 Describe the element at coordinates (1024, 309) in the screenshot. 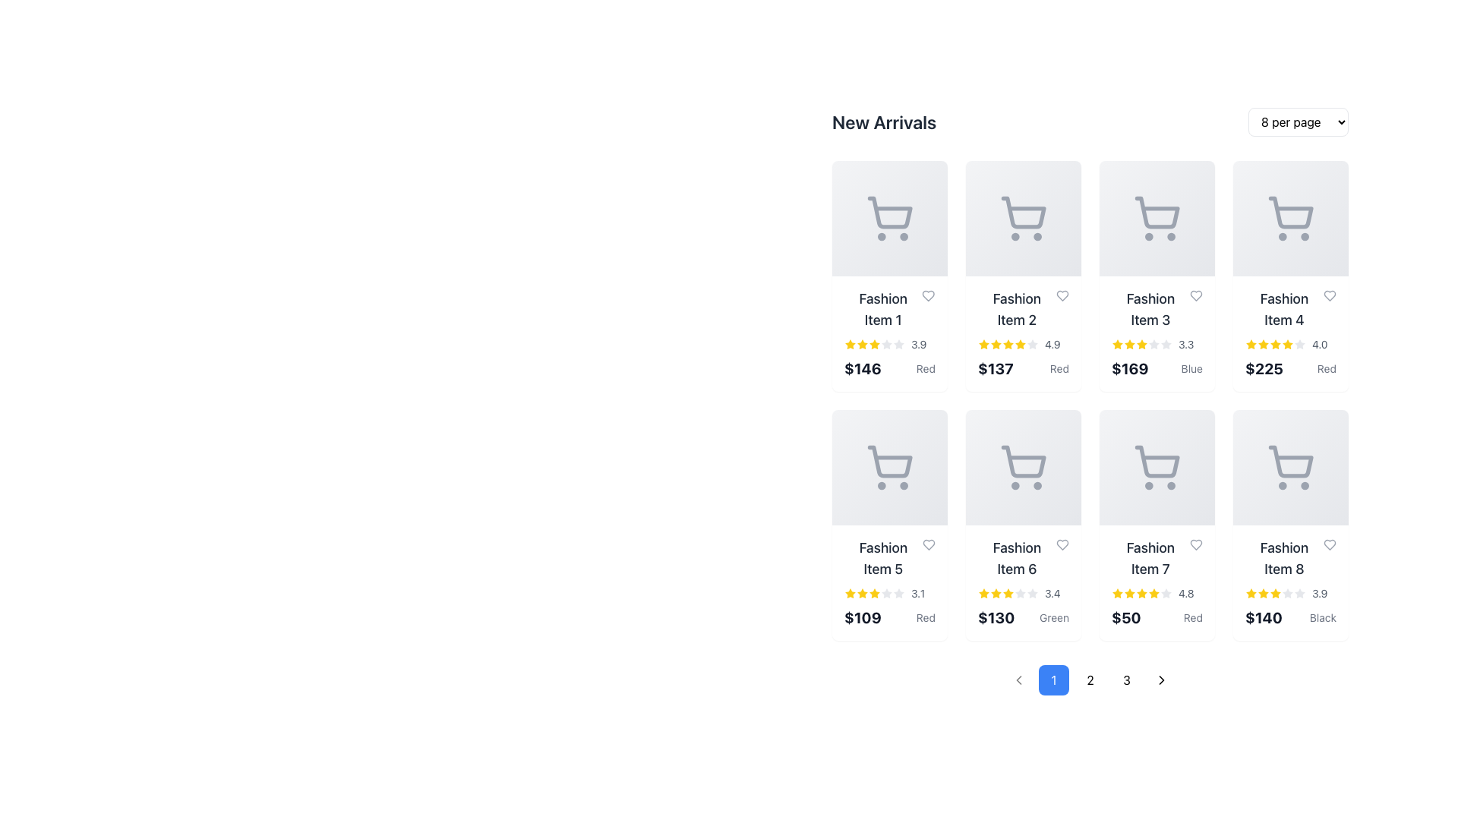

I see `label displaying the name of the fashion product, which is located in the second item of the 'New Arrivals' section, between 'Fashion Item 1' and 'Fashion Item 3'` at that location.